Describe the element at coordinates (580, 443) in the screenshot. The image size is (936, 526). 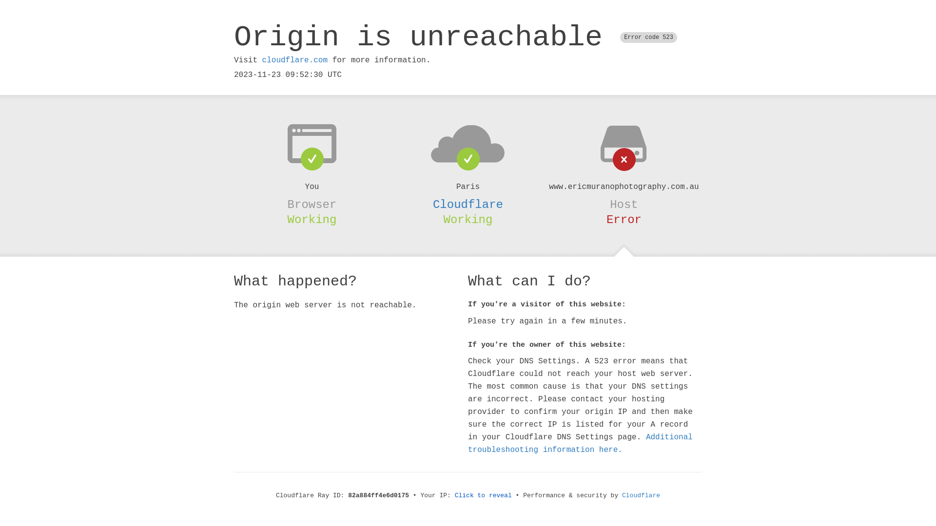
I see `'Additional troubleshooting information here.'` at that location.